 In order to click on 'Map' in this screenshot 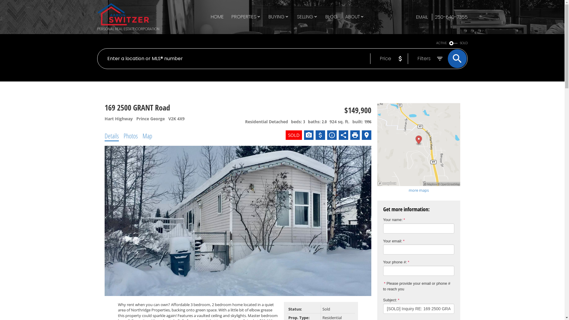, I will do `click(147, 136)`.